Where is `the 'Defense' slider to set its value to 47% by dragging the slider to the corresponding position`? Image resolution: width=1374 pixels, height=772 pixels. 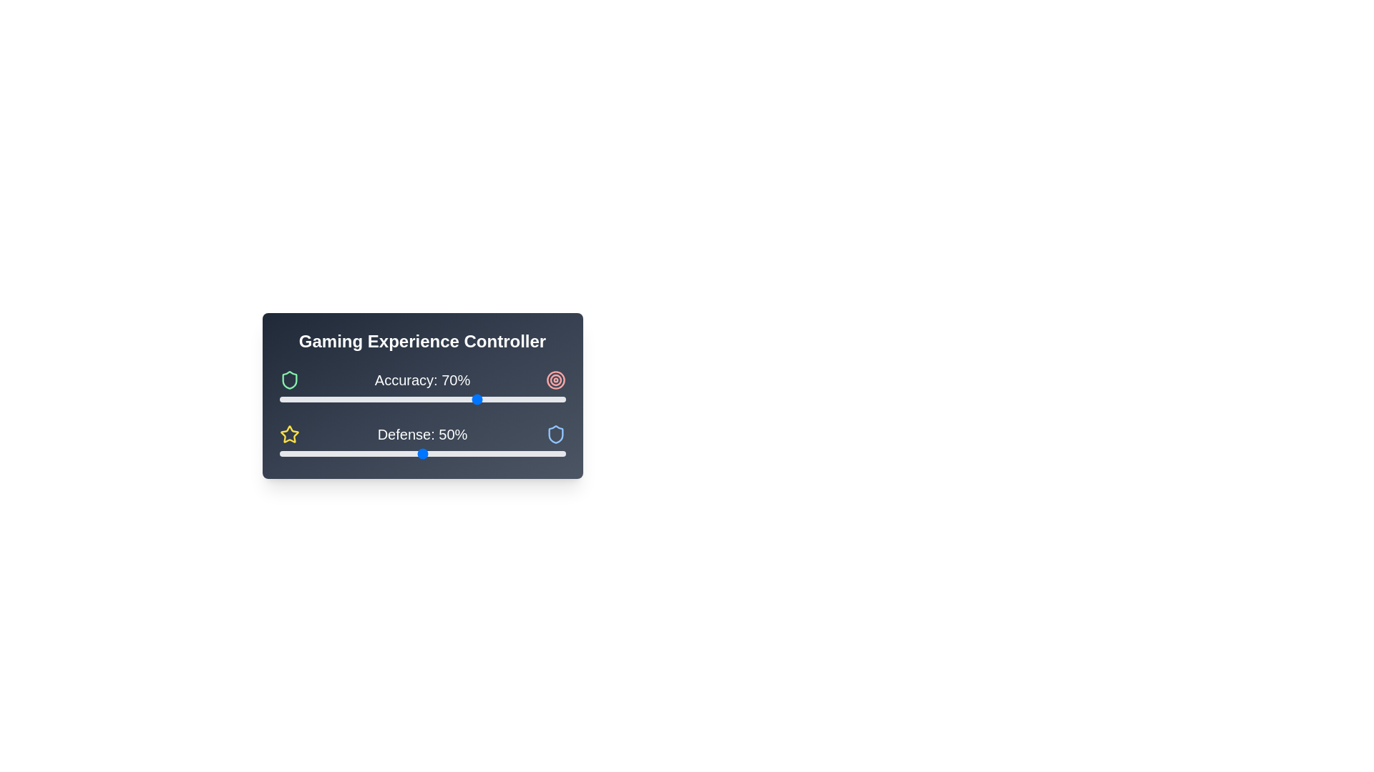 the 'Defense' slider to set its value to 47% by dragging the slider to the corresponding position is located at coordinates (413, 454).